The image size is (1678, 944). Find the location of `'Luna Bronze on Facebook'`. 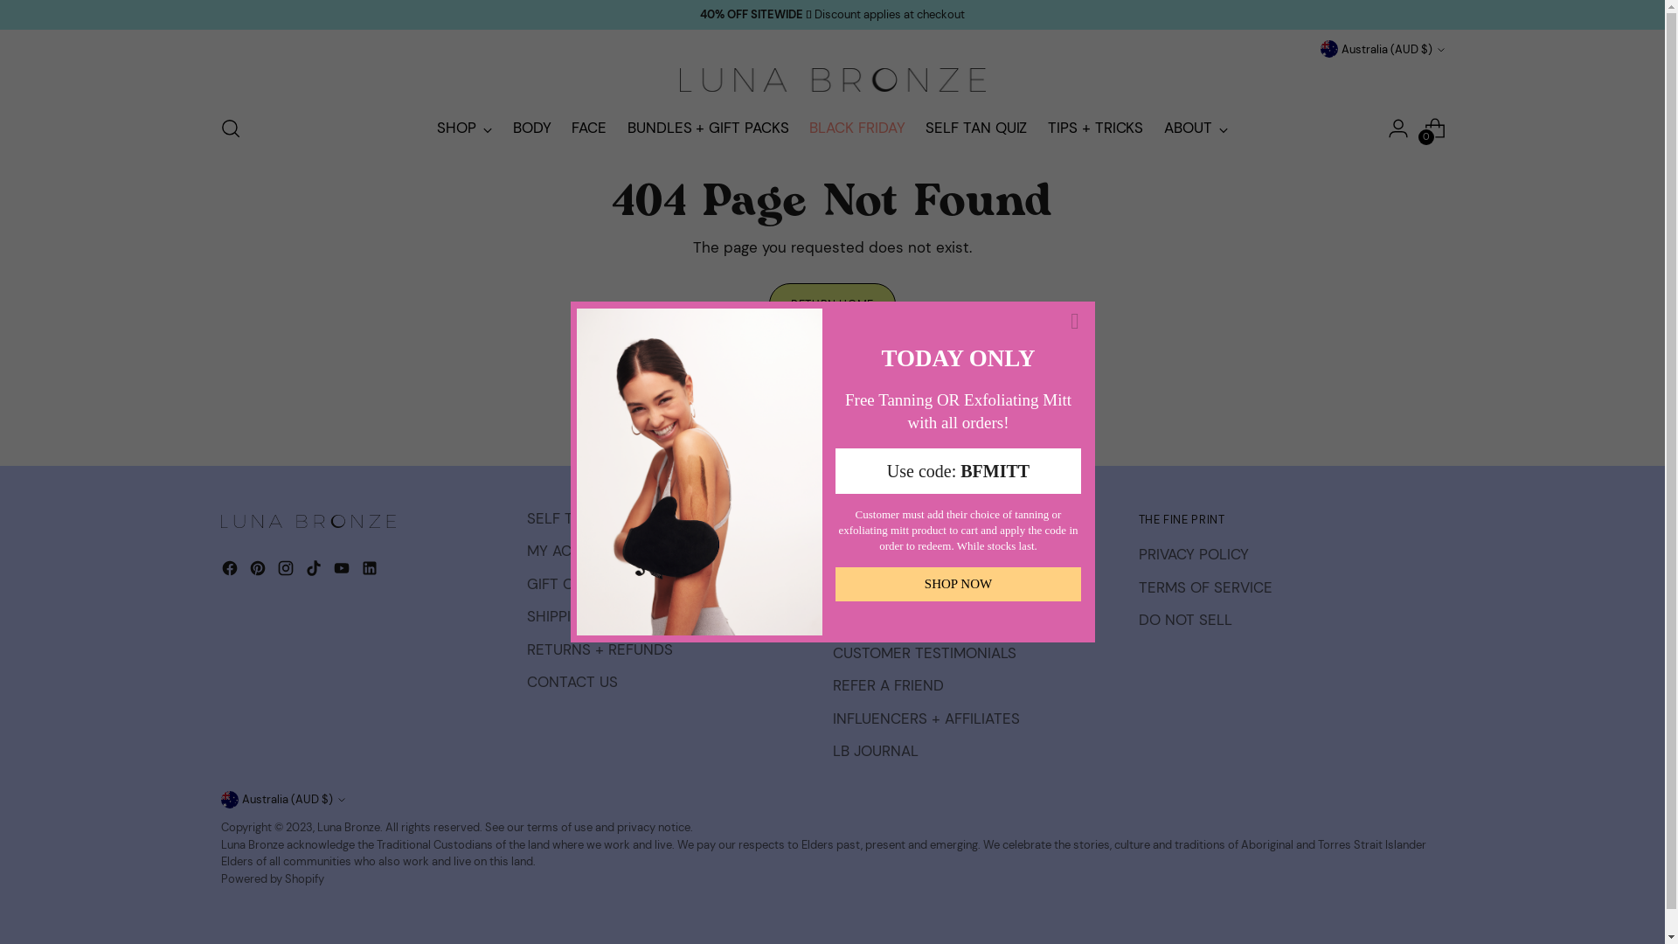

'Luna Bronze on Facebook' is located at coordinates (230, 572).